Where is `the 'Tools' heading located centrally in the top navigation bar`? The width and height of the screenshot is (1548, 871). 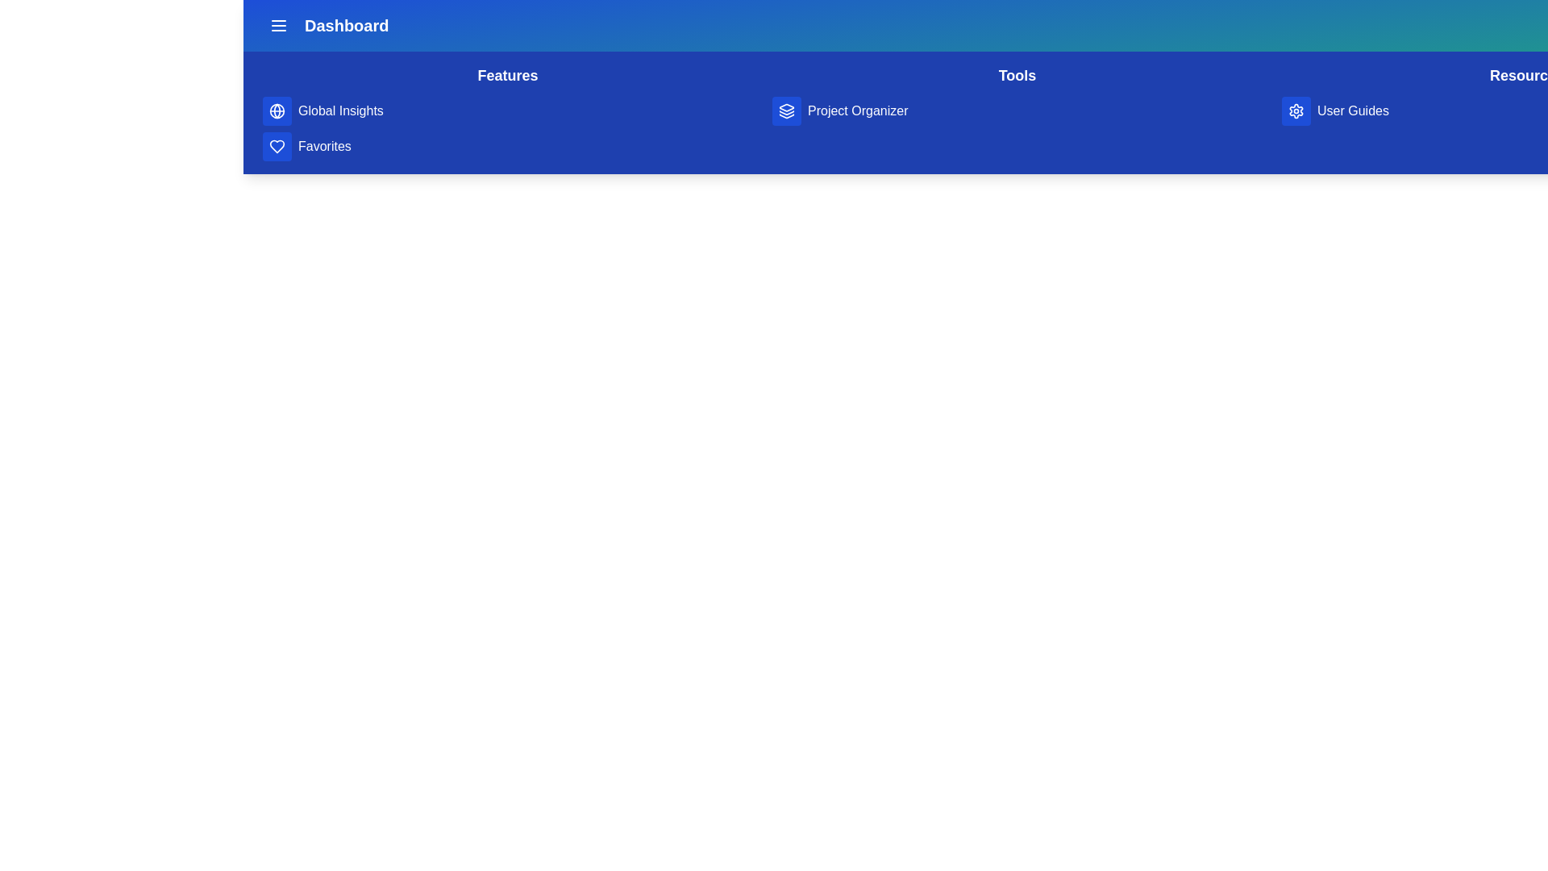
the 'Tools' heading located centrally in the top navigation bar is located at coordinates (1017, 75).